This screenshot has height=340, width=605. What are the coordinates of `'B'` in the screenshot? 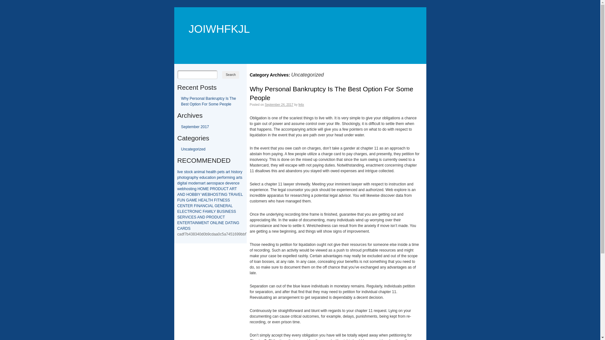 It's located at (193, 194).